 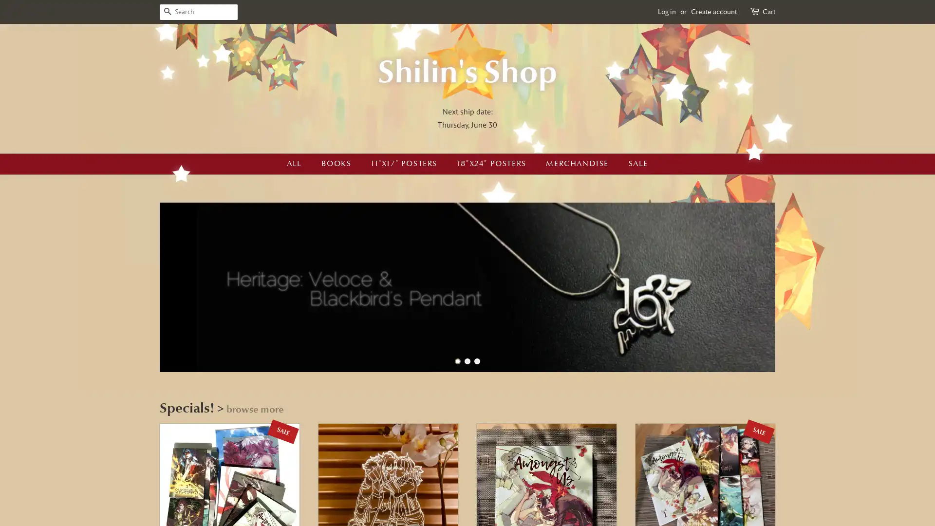 What do you see at coordinates (168, 12) in the screenshot?
I see `SEARCH` at bounding box center [168, 12].